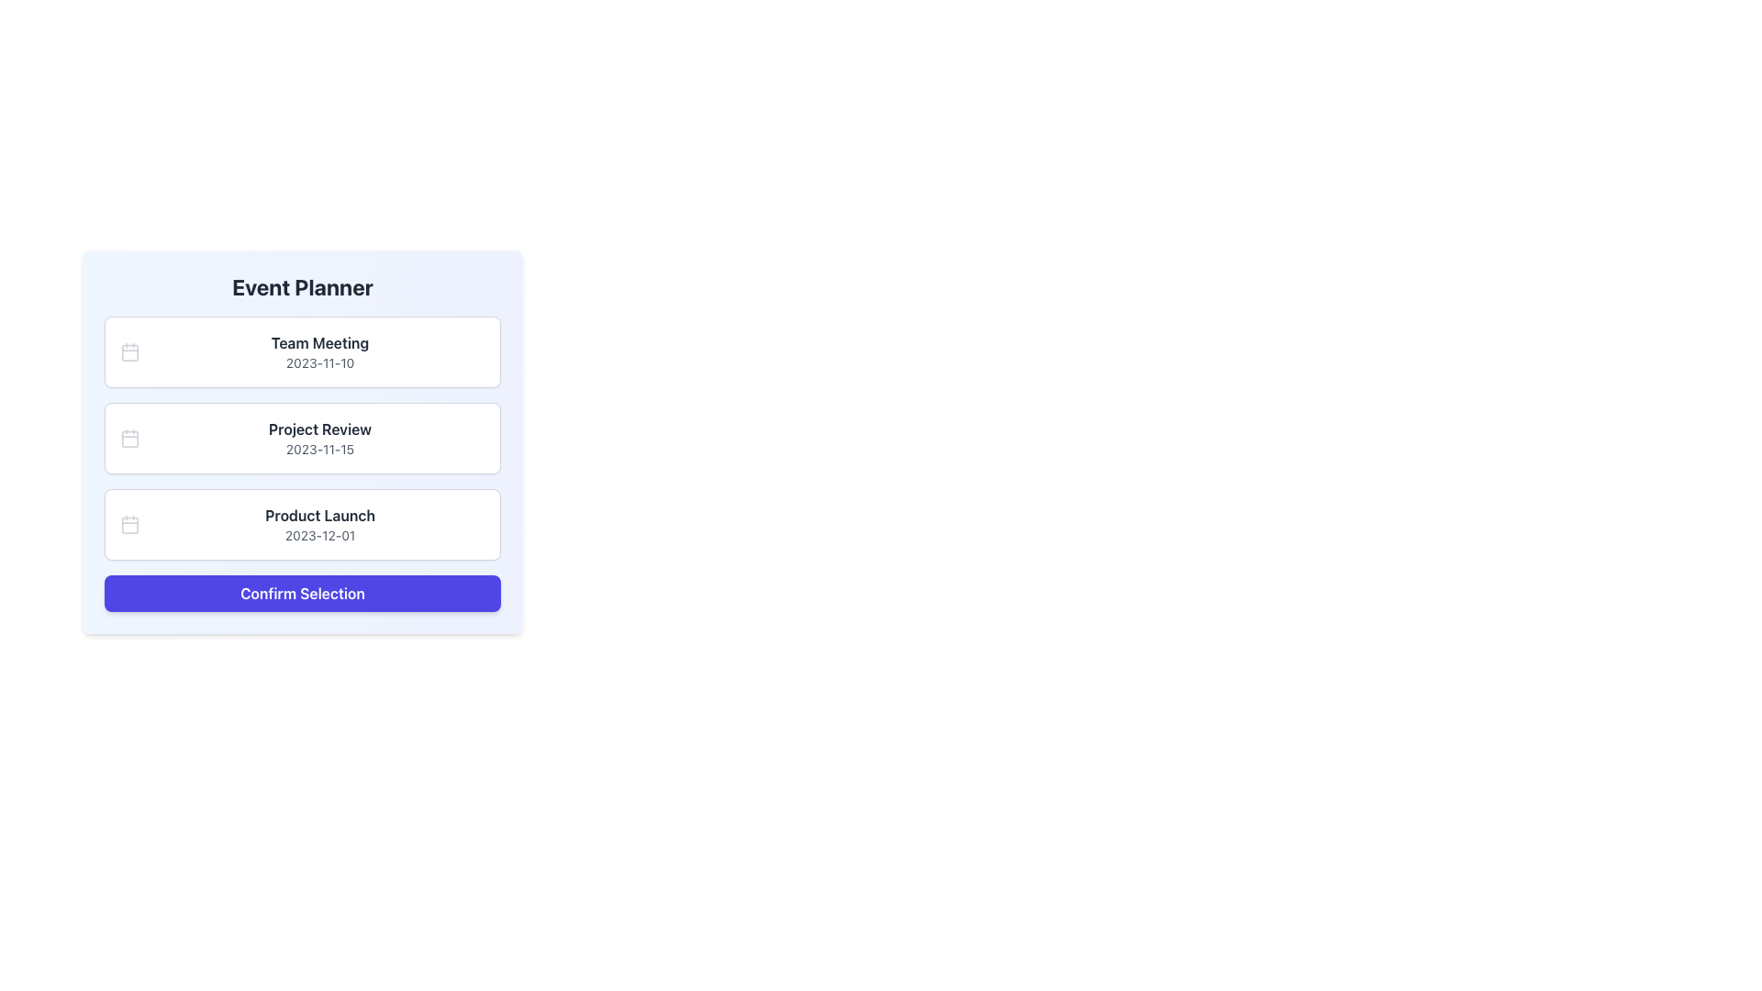 The height and width of the screenshot is (991, 1762). I want to click on date information displayed in grey text '2023-11-10' located below the title 'Team Meeting' within the first event card of the 'Event Planner', so click(320, 363).